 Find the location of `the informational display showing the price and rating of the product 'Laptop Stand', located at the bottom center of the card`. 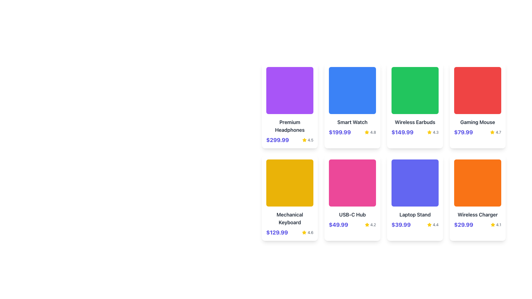

the informational display showing the price and rating of the product 'Laptop Stand', located at the bottom center of the card is located at coordinates (415, 225).